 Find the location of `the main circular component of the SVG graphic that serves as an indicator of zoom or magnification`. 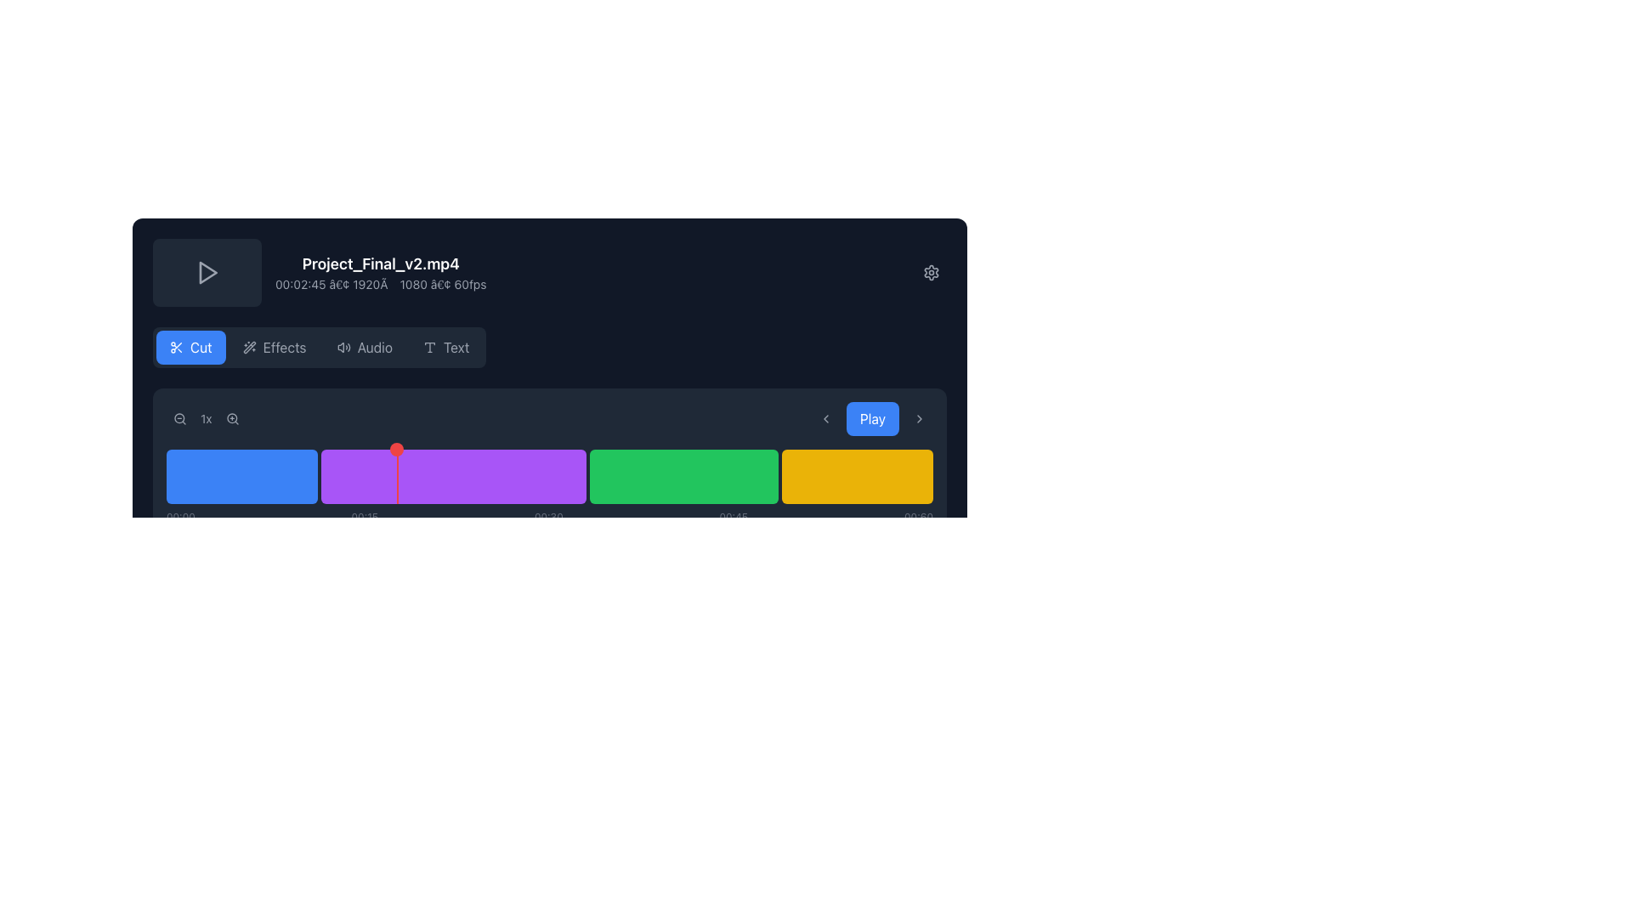

the main circular component of the SVG graphic that serves as an indicator of zoom or magnification is located at coordinates (230, 418).